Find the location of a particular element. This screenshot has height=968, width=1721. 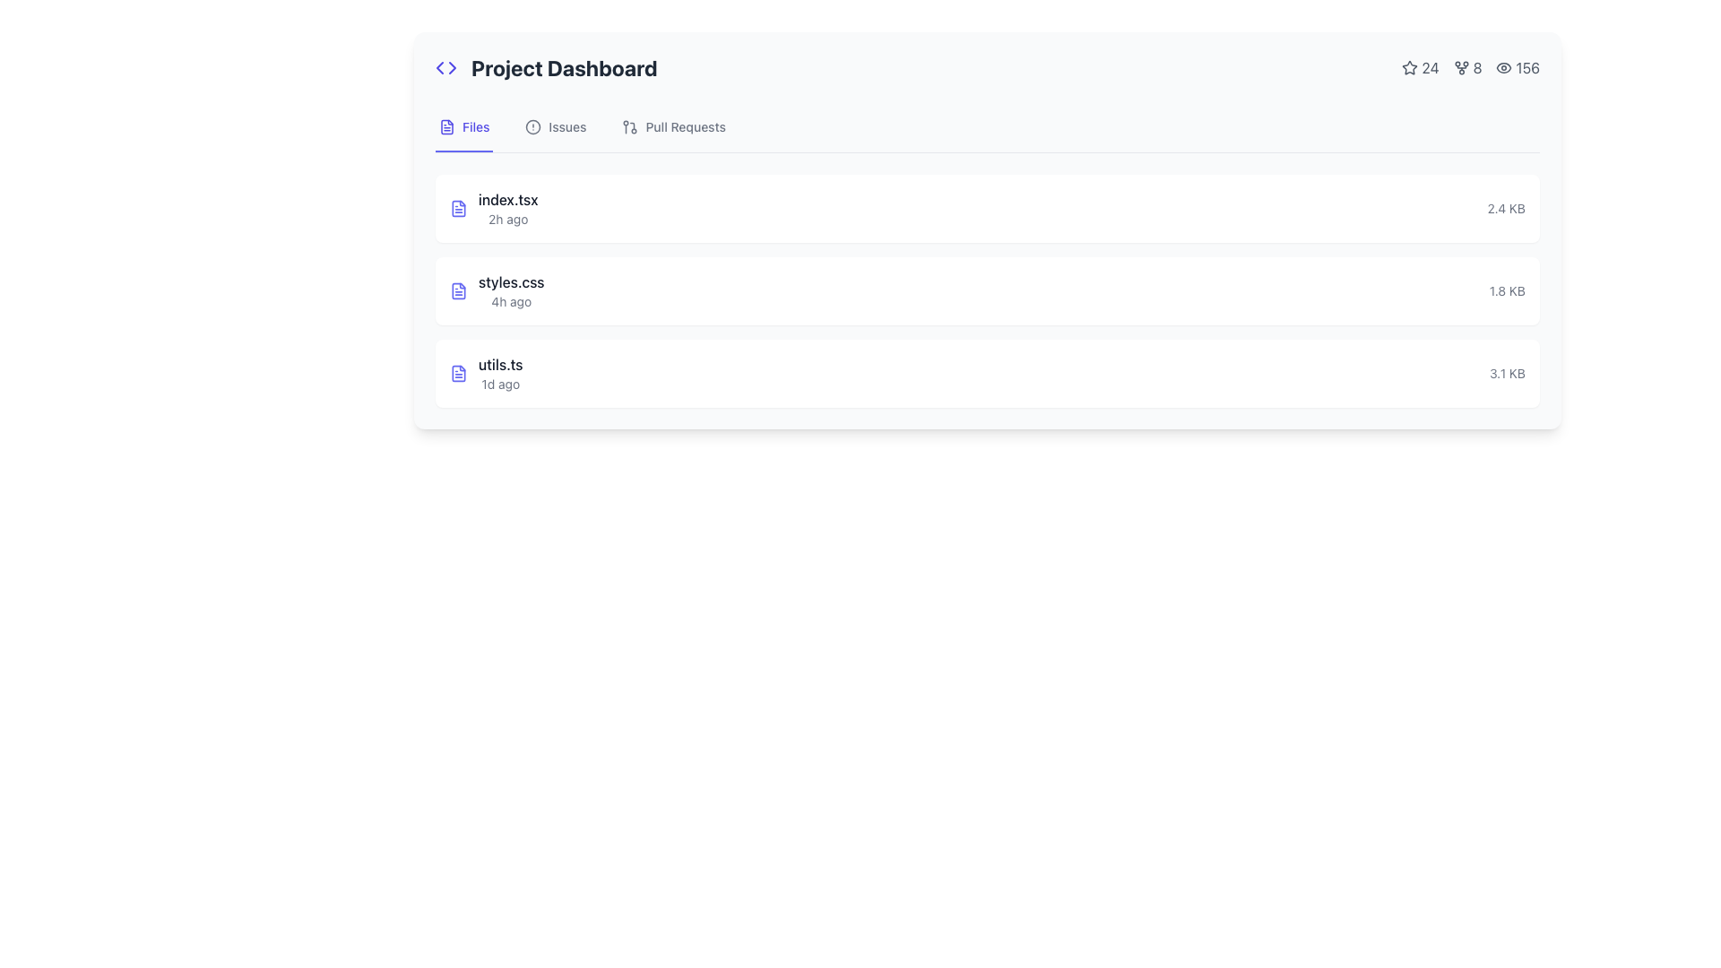

the SVG icon representing the 'index.tsx' file entry, located at the first position in the dashboard list is located at coordinates (459, 207).